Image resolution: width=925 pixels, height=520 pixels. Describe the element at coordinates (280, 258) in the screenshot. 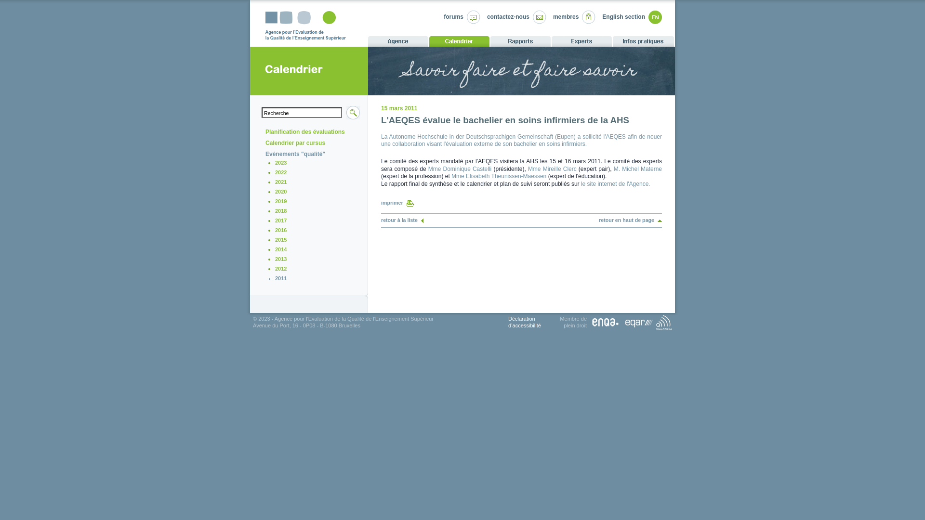

I see `'2013'` at that location.